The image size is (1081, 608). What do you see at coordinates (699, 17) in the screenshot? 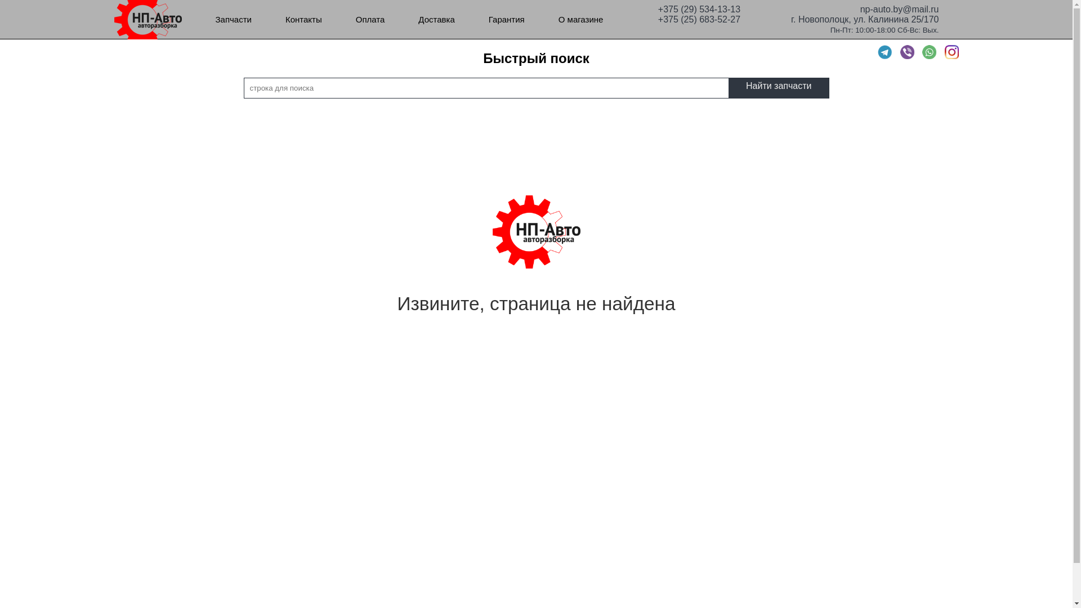
I see `'+375 (25) 683-52-27'` at bounding box center [699, 17].